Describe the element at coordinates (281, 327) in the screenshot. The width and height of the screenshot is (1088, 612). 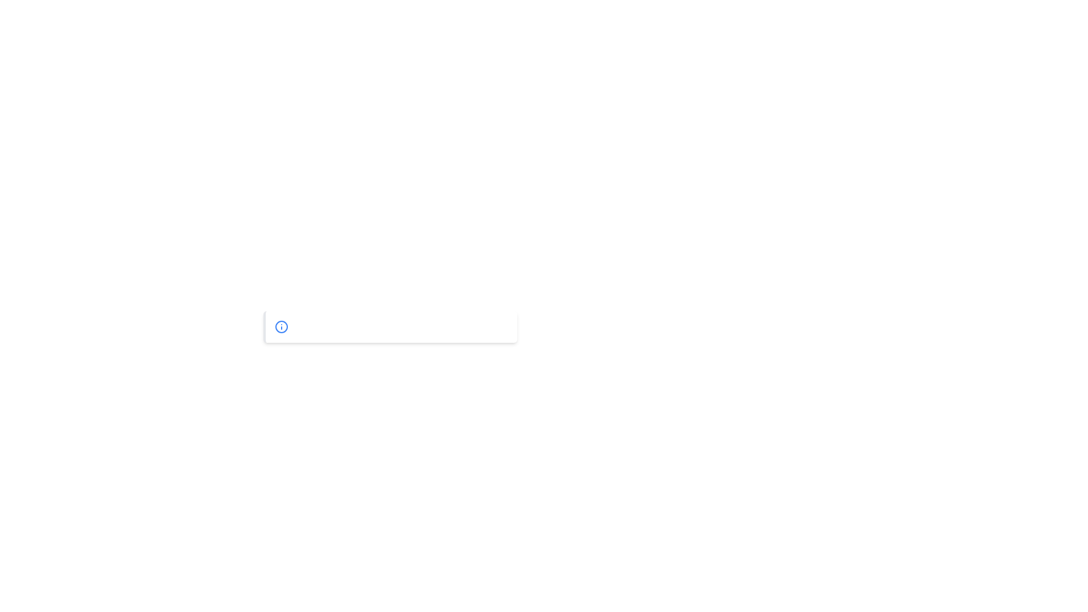
I see `the circular decorative graphic element of the information icon located at the bottom of the interface` at that location.